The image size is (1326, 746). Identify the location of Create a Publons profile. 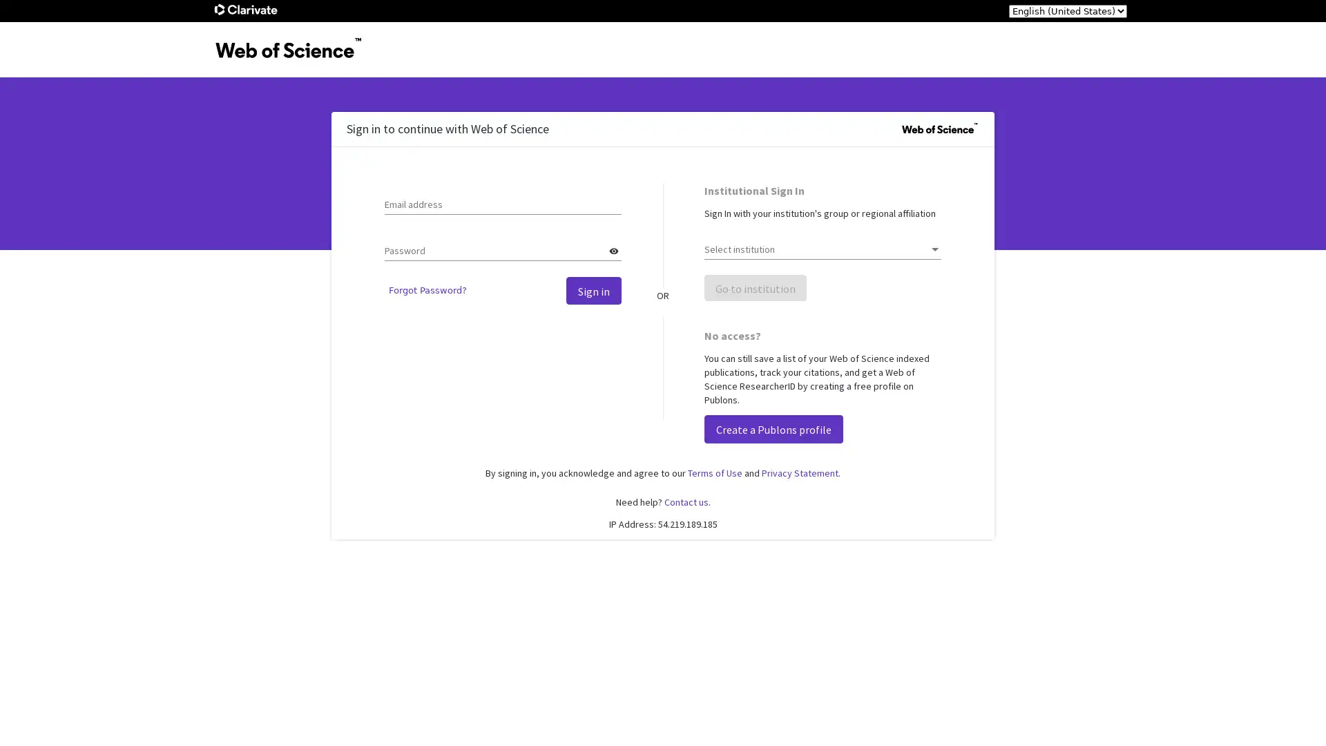
(773, 428).